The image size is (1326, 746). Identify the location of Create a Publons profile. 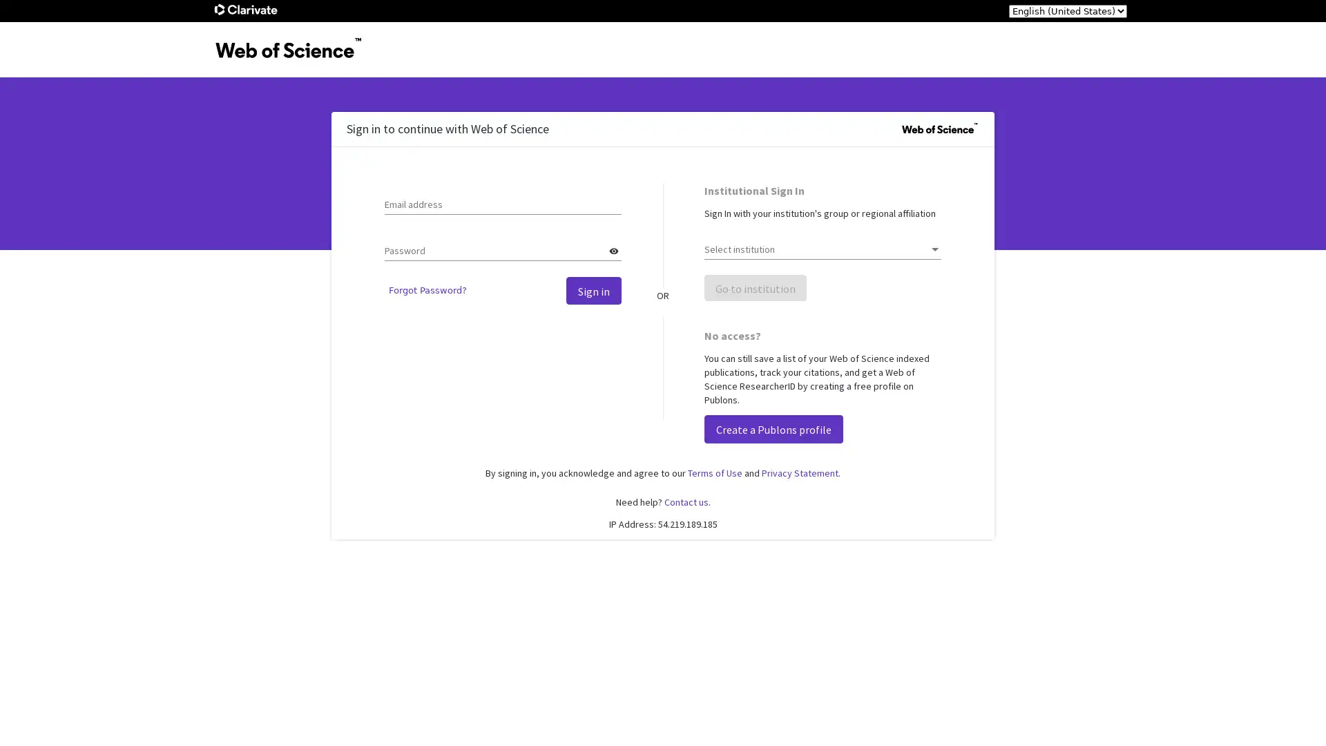
(773, 428).